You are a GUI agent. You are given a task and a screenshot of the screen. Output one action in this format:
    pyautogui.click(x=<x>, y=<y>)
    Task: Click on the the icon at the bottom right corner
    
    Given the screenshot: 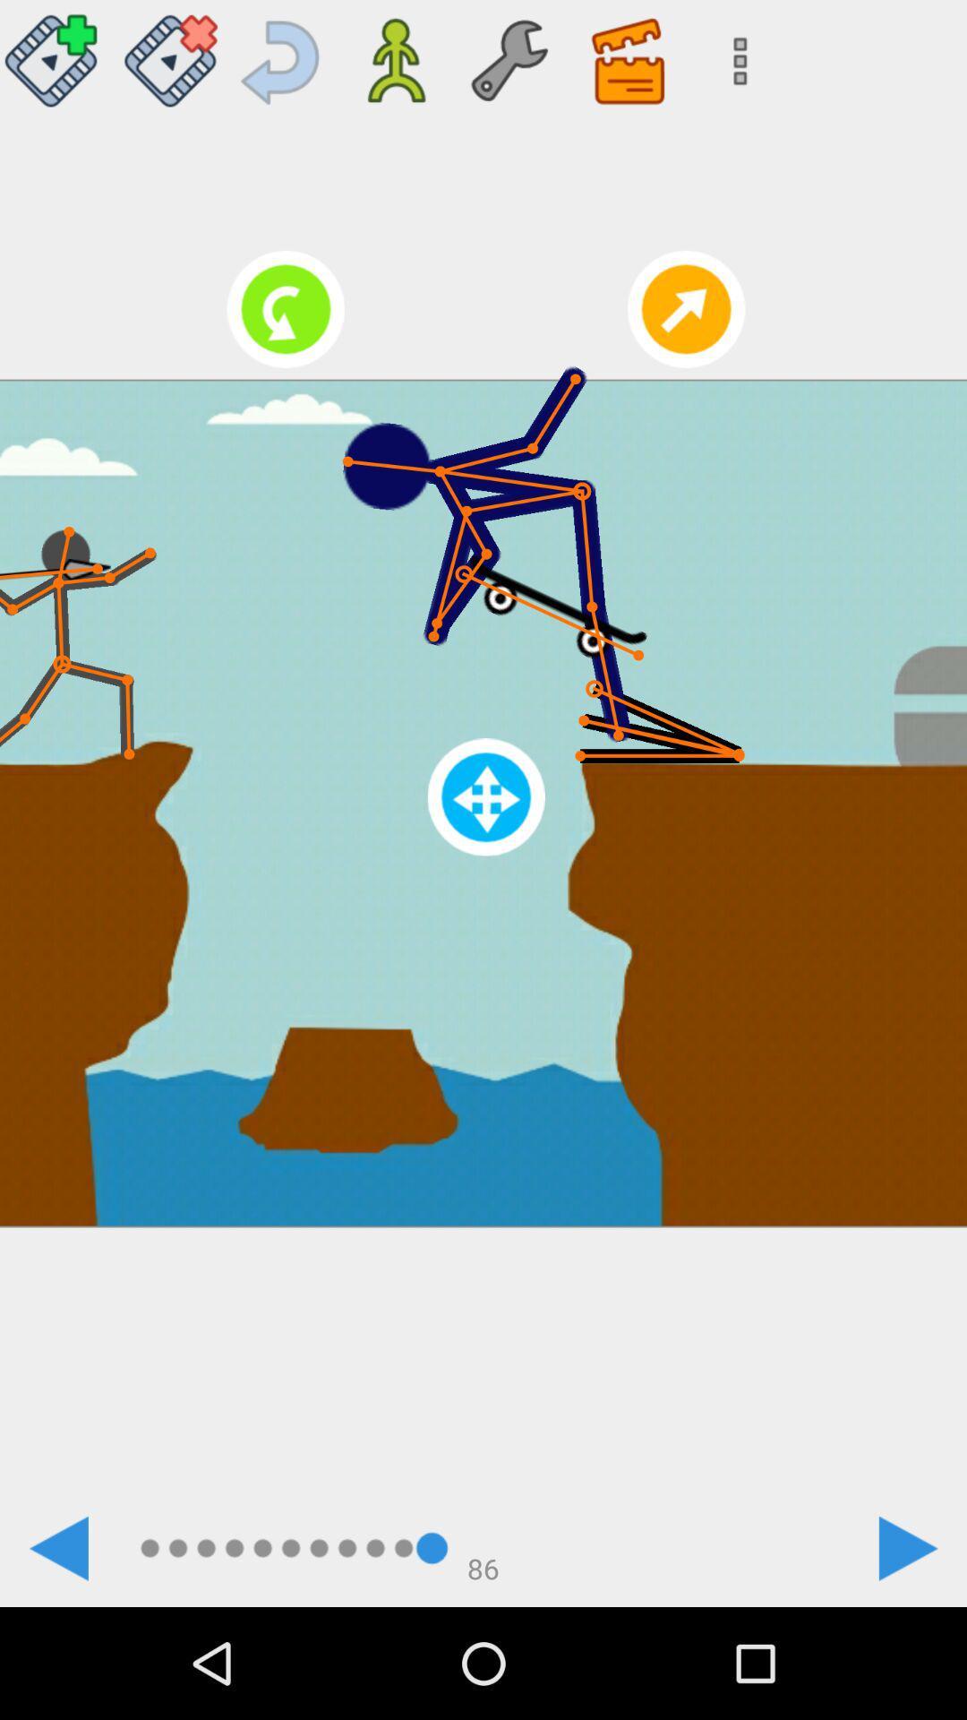 What is the action you would take?
    pyautogui.click(x=908, y=1547)
    